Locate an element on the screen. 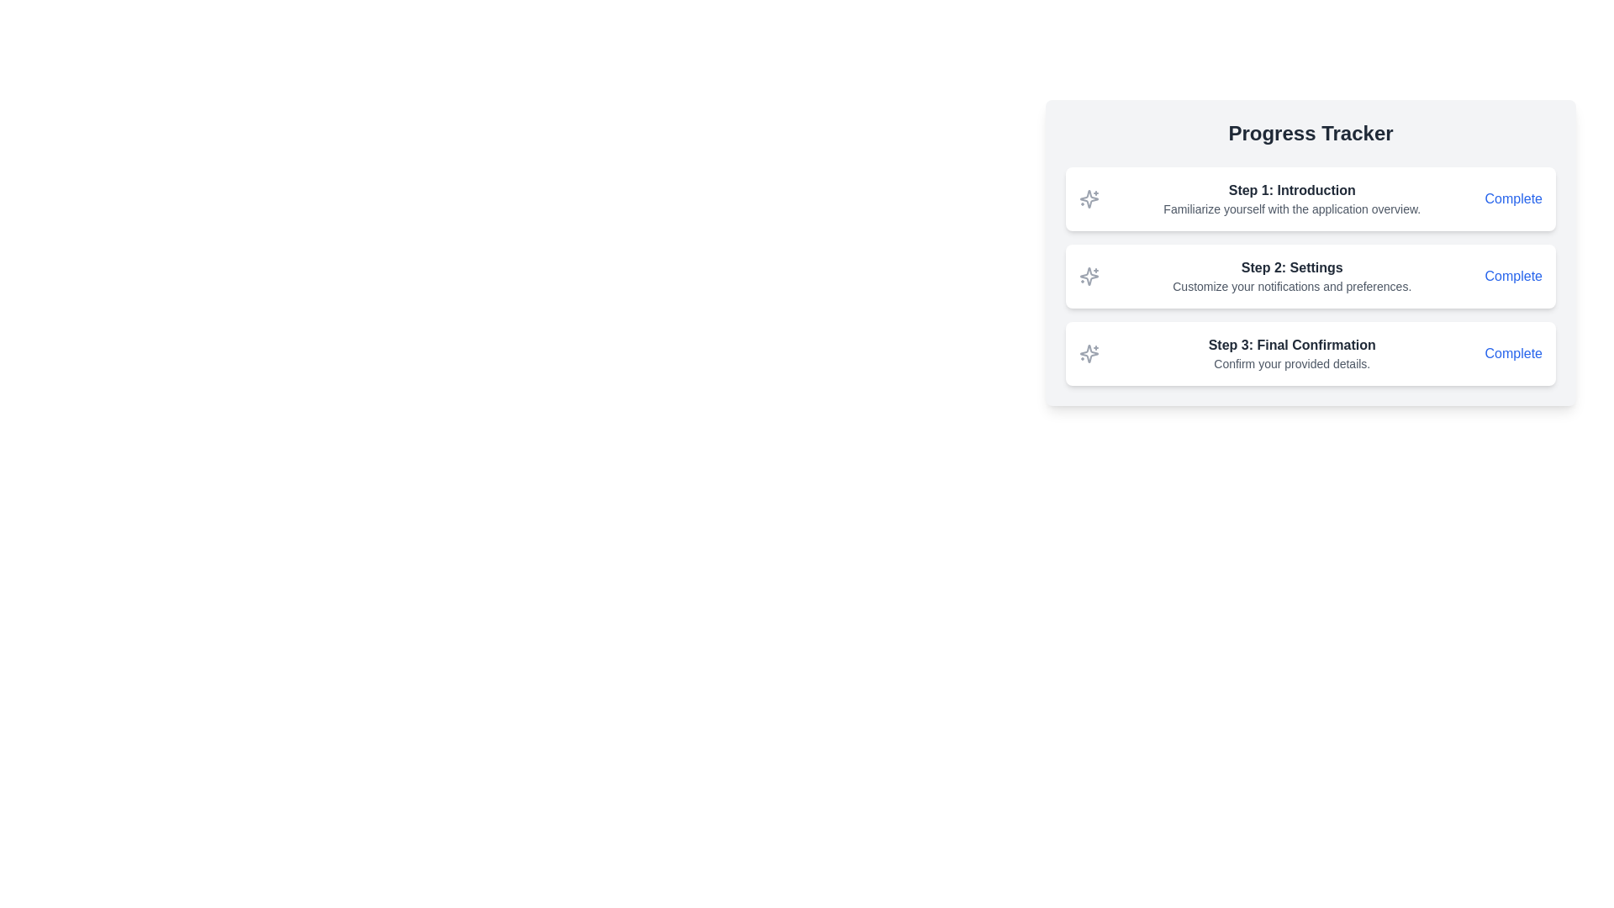  the completion icon representing the first step of the progress tracker, titled 'Step 1: Introduction' is located at coordinates (1089, 198).